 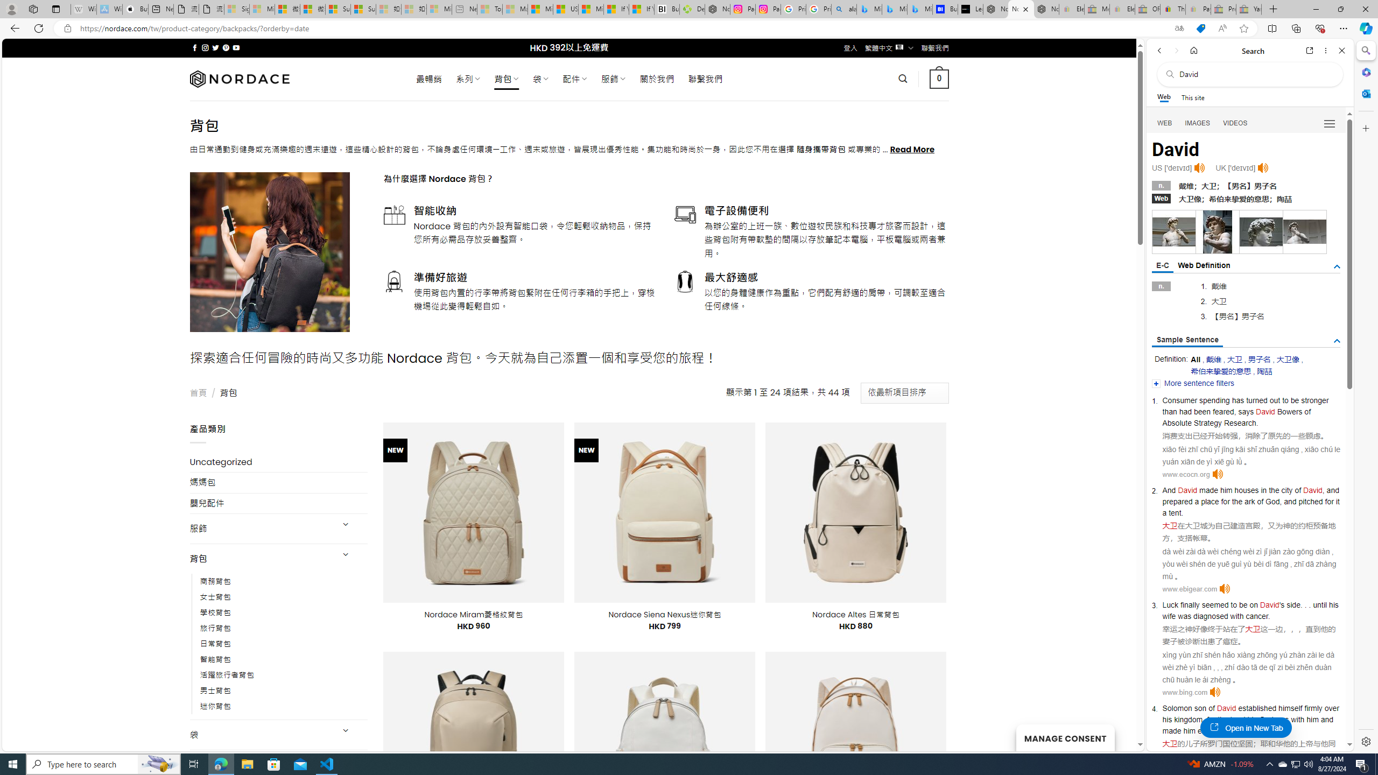 What do you see at coordinates (1314, 399) in the screenshot?
I see `'stronger'` at bounding box center [1314, 399].